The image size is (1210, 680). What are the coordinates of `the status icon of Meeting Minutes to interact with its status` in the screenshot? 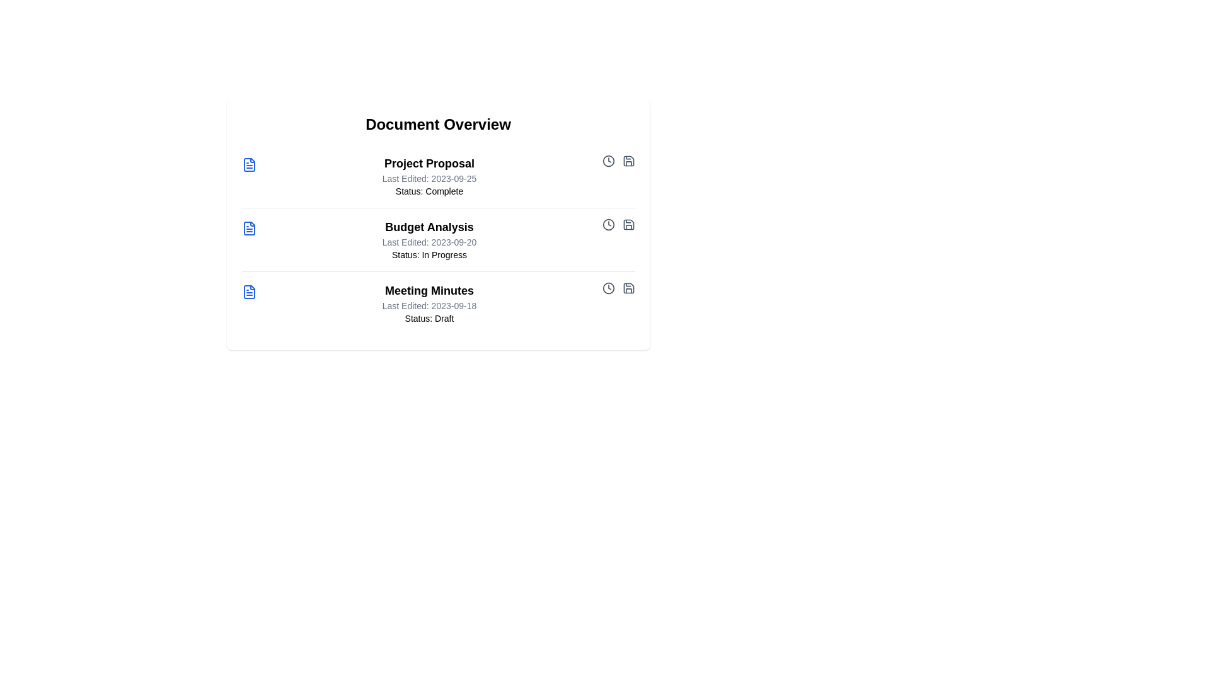 It's located at (608, 288).